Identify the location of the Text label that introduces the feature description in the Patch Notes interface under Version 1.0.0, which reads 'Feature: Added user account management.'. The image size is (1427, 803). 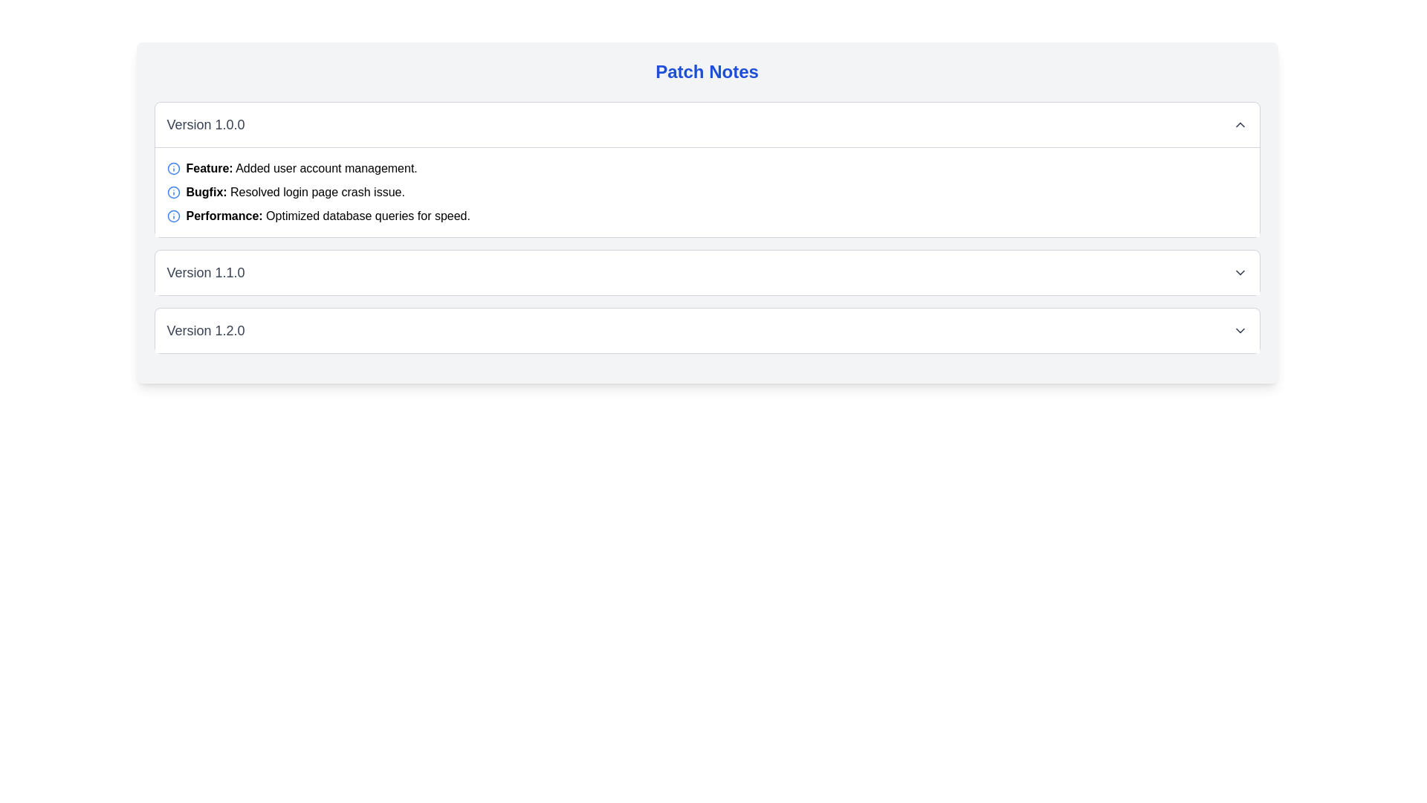
(209, 167).